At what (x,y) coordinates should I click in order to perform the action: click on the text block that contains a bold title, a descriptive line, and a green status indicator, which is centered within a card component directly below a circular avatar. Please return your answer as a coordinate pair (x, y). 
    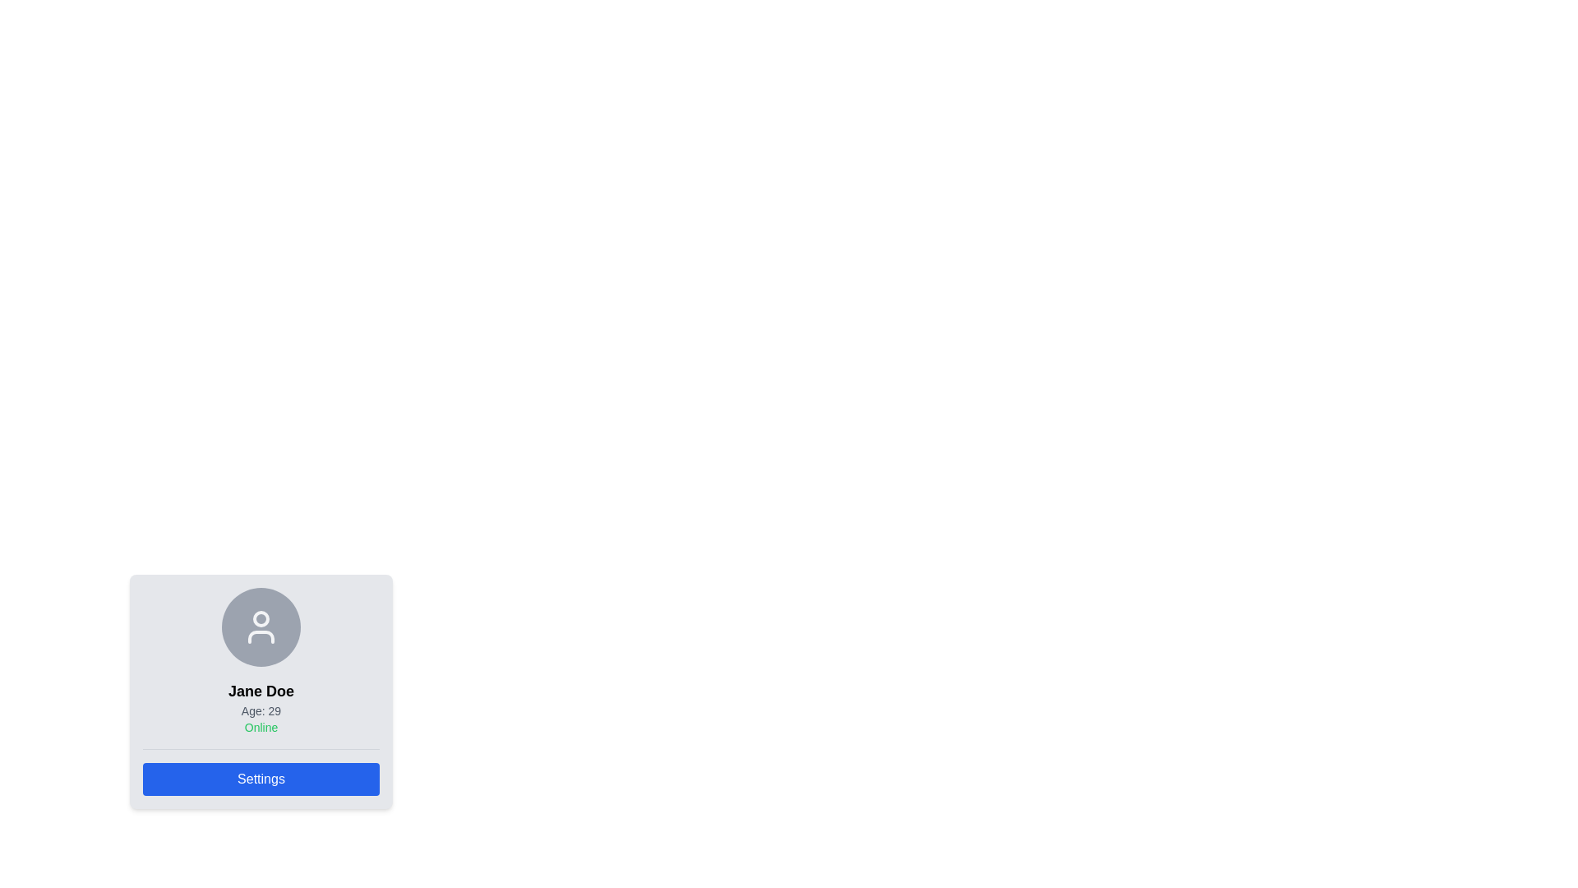
    Looking at the image, I should click on (260, 706).